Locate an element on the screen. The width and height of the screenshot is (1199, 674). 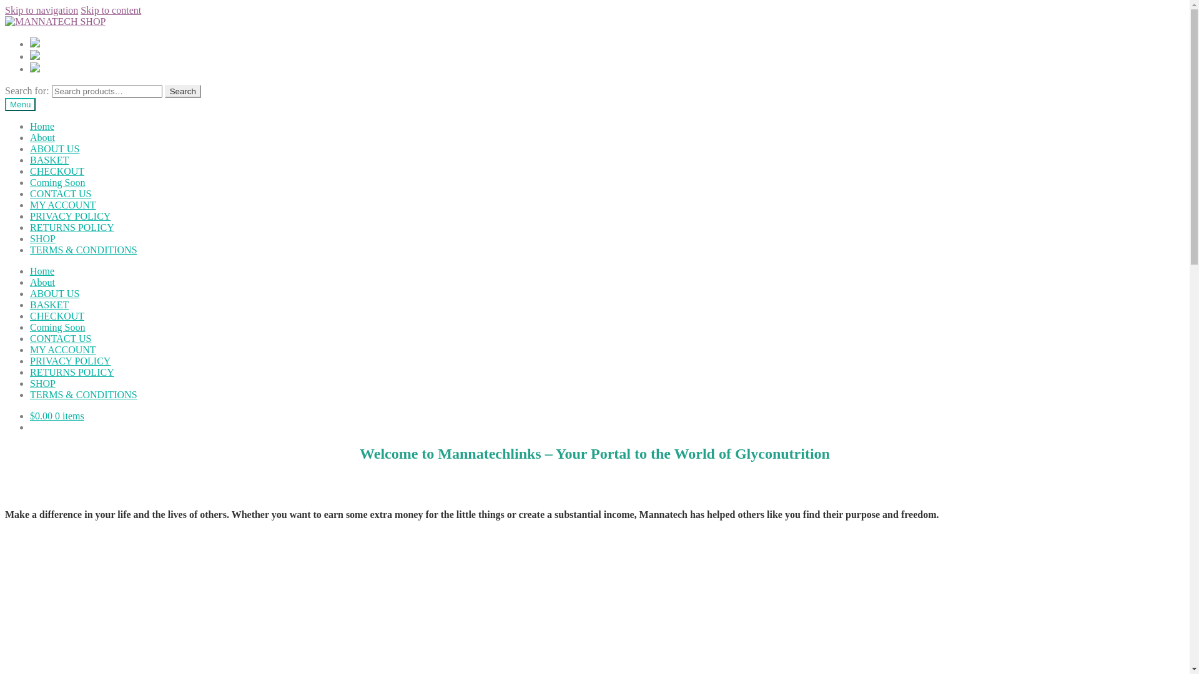
'Instagram' is located at coordinates (30, 56).